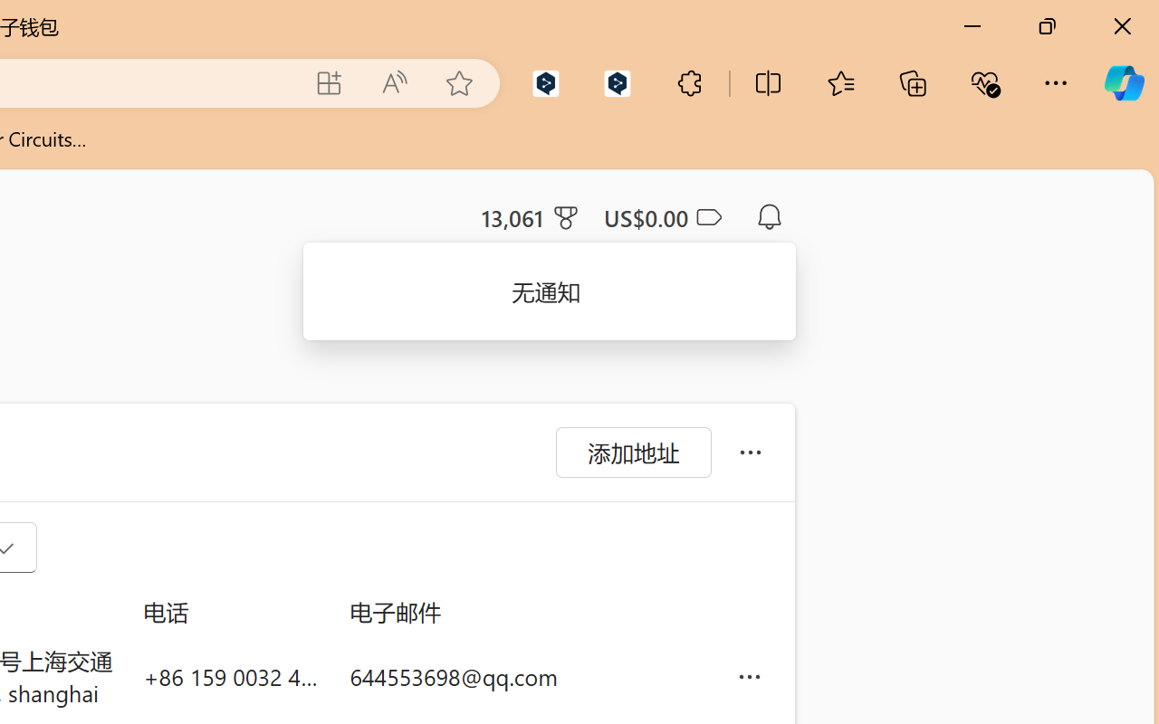 This screenshot has height=724, width=1159. Describe the element at coordinates (1123, 82) in the screenshot. I see `'Copilot (Ctrl+Shift+.)'` at that location.